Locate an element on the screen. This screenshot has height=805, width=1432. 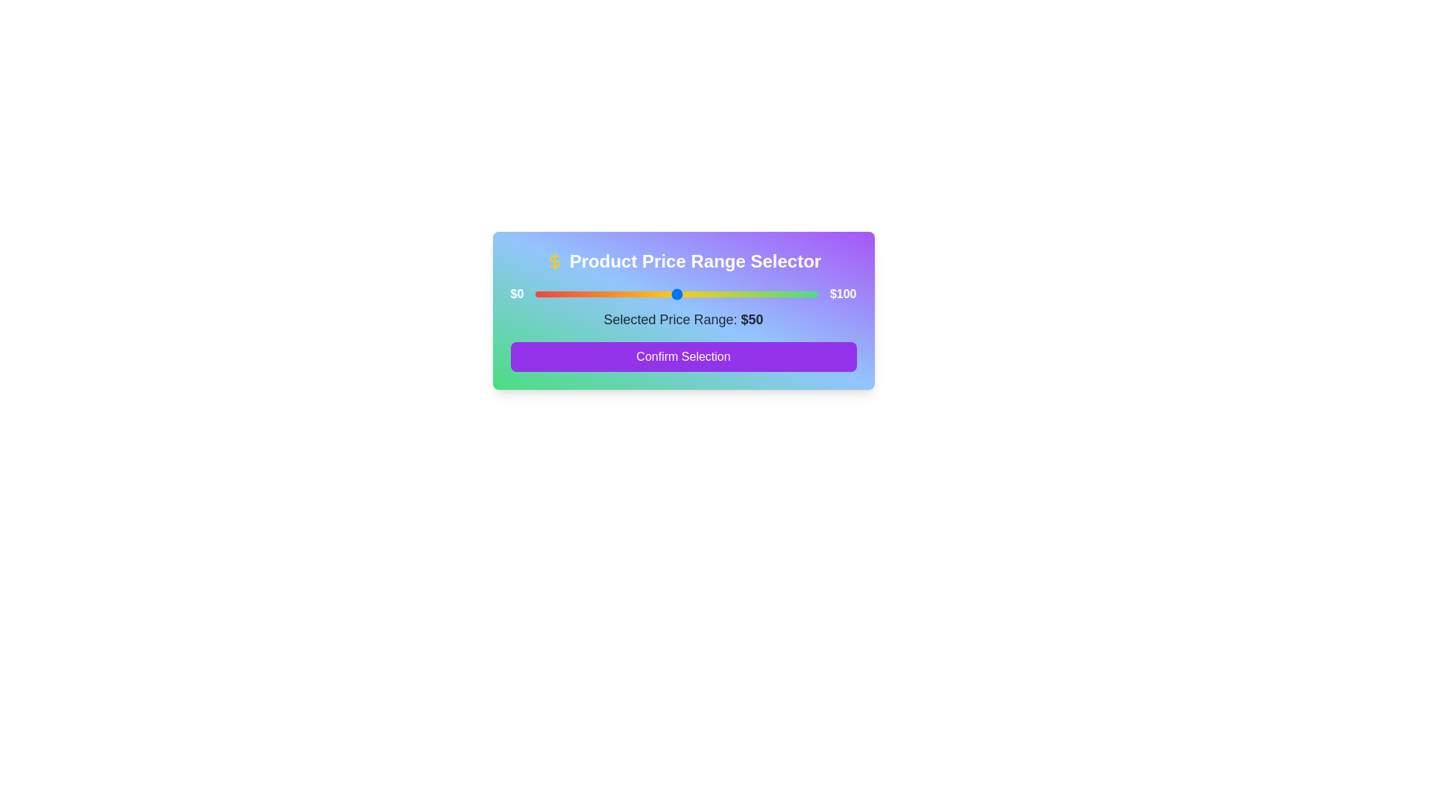
the price range slider to set the value to 43 is located at coordinates (656, 294).